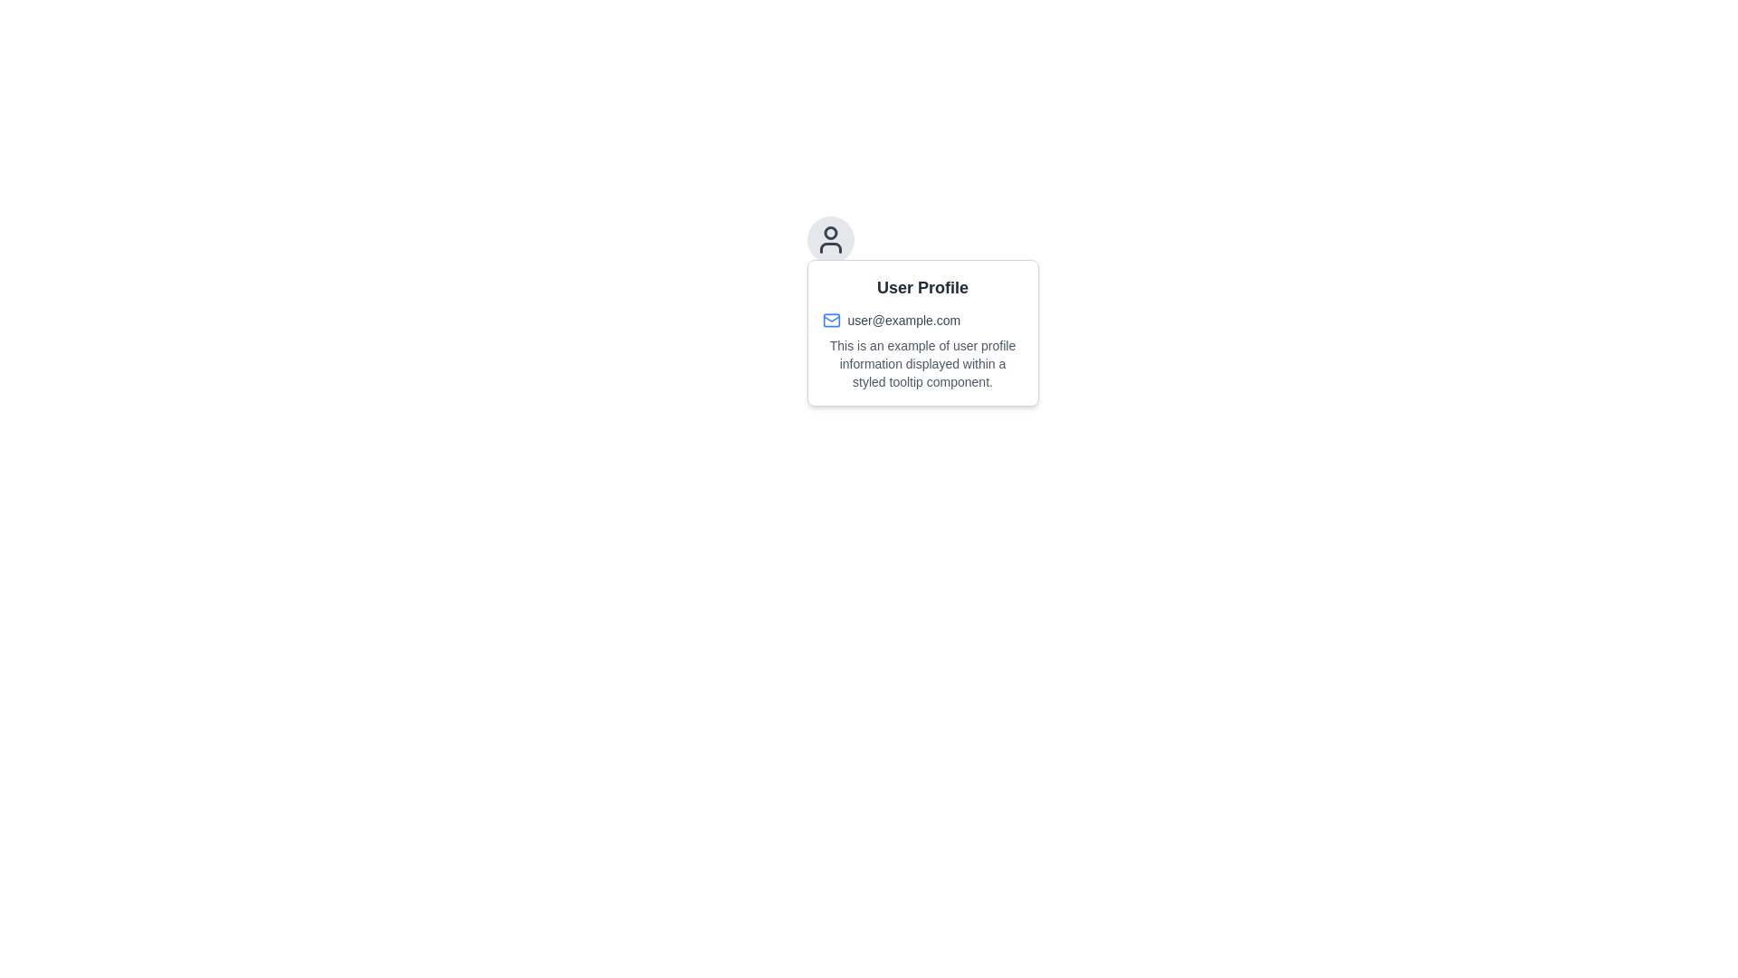 The image size is (1738, 978). Describe the element at coordinates (829, 232) in the screenshot. I see `the top circular shape inside the user profile icon, which is positioned above a tooltip box containing user information` at that location.